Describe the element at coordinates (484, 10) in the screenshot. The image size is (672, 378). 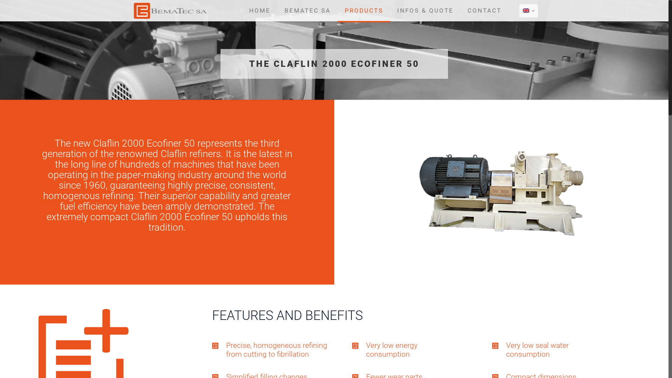
I see `'CONTACT'` at that location.